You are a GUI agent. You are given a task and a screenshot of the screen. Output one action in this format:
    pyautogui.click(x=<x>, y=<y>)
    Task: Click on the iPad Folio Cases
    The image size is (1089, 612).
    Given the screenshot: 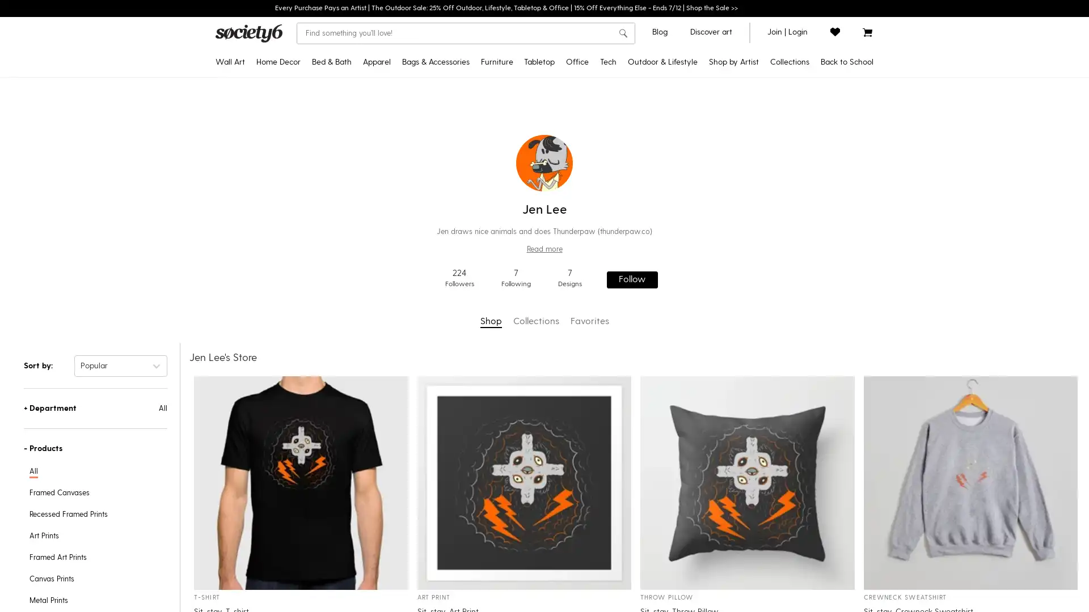 What is the action you would take?
    pyautogui.click(x=648, y=200)
    